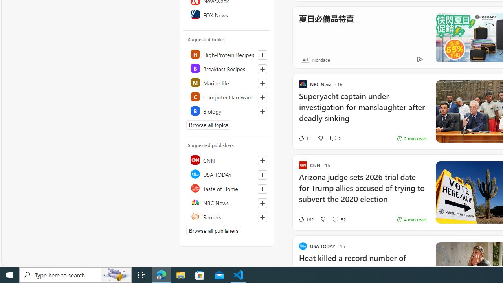 The height and width of the screenshot is (283, 503). What do you see at coordinates (335, 219) in the screenshot?
I see `'View comments 52 Comment'` at bounding box center [335, 219].